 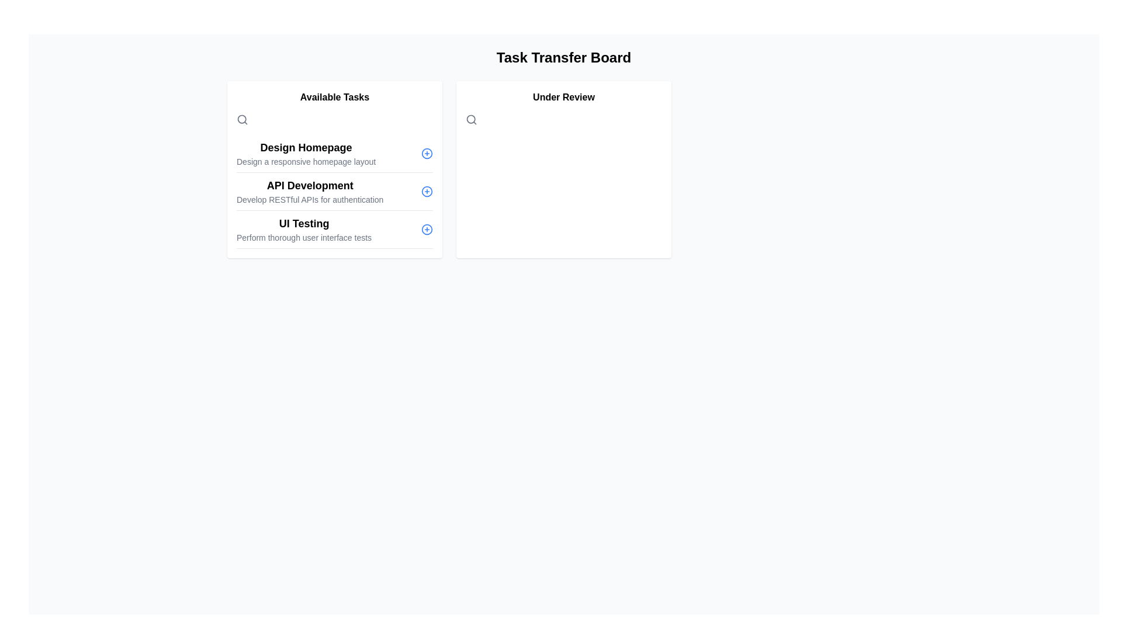 I want to click on the static text block reading 'Perform thorough user interface tests', which is positioned below the header 'UI Testing' in the 'Available Tasks' column, so click(x=304, y=237).